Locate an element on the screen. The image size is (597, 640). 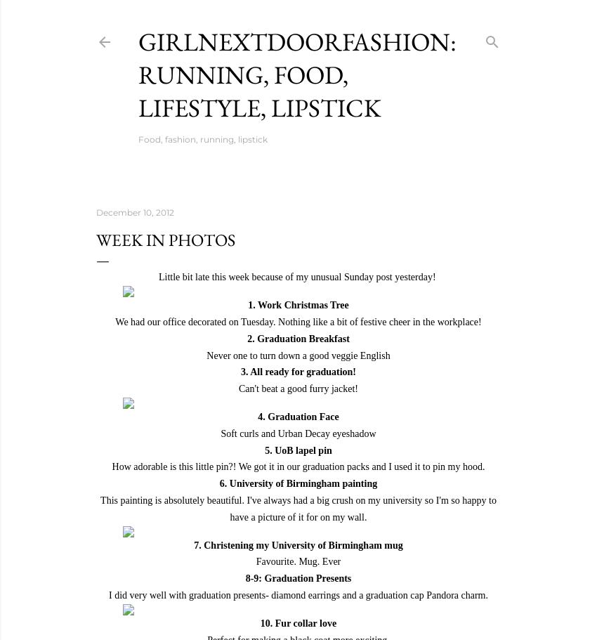
'This painting is absolutely beautiful. I've always had a big crush on my university so I'm so happy to have a picture of it for on my wall.' is located at coordinates (298, 508).